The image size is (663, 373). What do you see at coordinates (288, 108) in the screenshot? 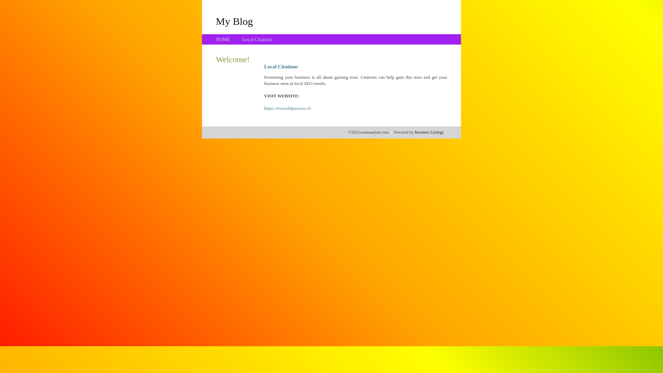
I see `'https://41worldjuricess.cf/'` at bounding box center [288, 108].